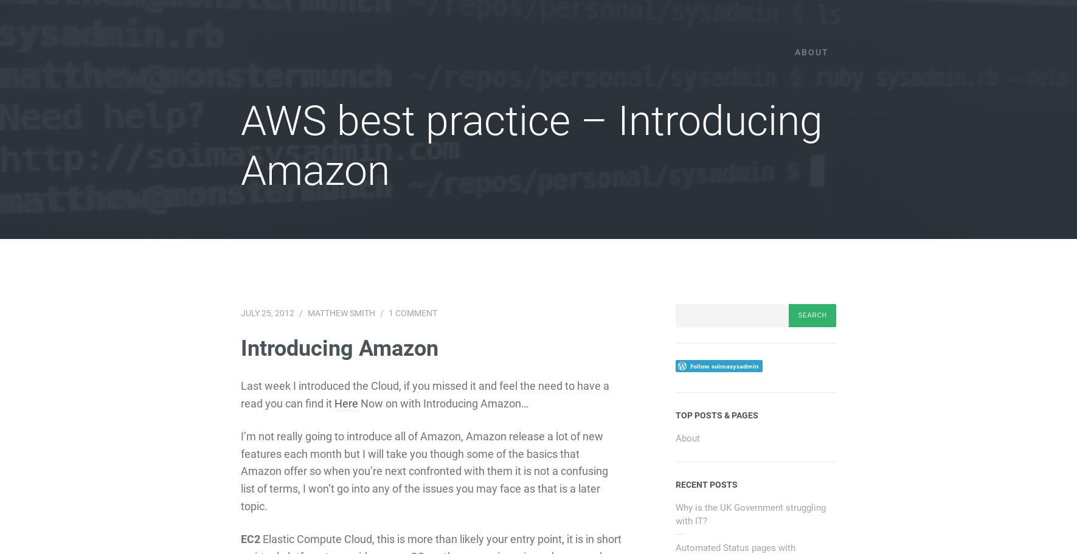  I want to click on 'Why is the UK Government struggling with IT?', so click(750, 514).